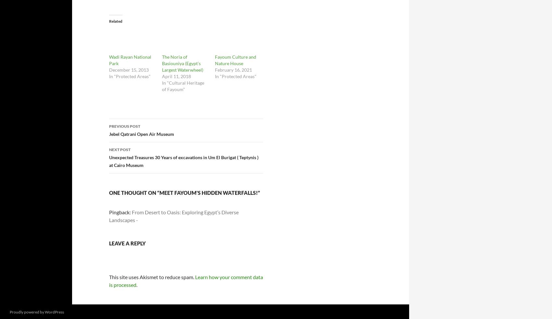  What do you see at coordinates (152, 276) in the screenshot?
I see `'This site uses Akismet to reduce spam.'` at bounding box center [152, 276].